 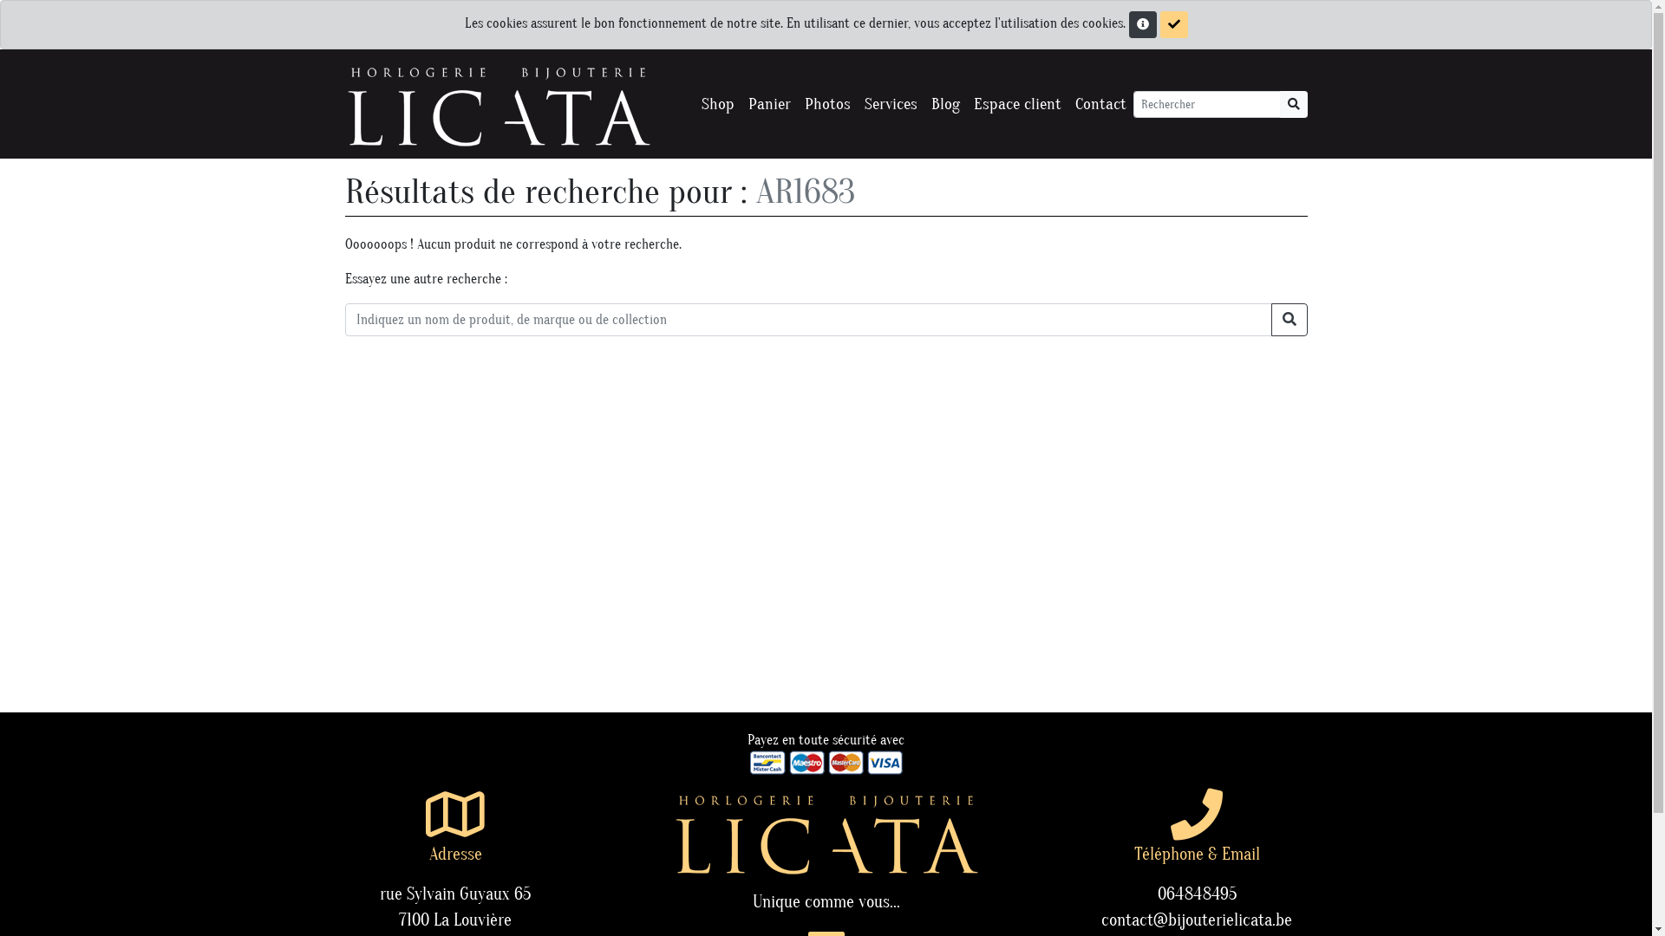 I want to click on 'Shop', so click(x=716, y=104).